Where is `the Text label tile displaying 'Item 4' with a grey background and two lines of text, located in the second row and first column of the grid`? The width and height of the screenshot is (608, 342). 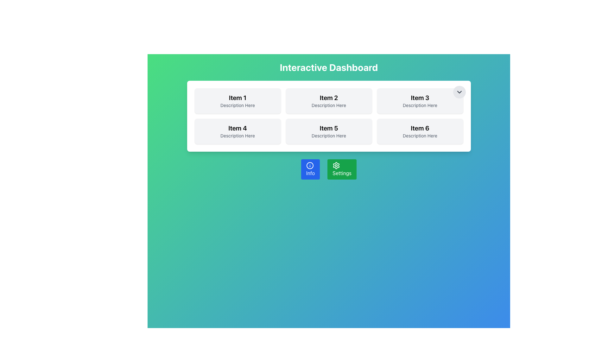 the Text label tile displaying 'Item 4' with a grey background and two lines of text, located in the second row and first column of the grid is located at coordinates (237, 131).